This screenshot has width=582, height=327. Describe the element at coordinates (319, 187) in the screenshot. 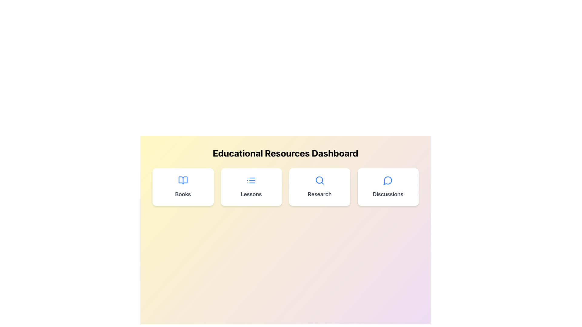

I see `the 'Research' card located in the Educational Resources Dashboard, which is the third card from the left` at that location.